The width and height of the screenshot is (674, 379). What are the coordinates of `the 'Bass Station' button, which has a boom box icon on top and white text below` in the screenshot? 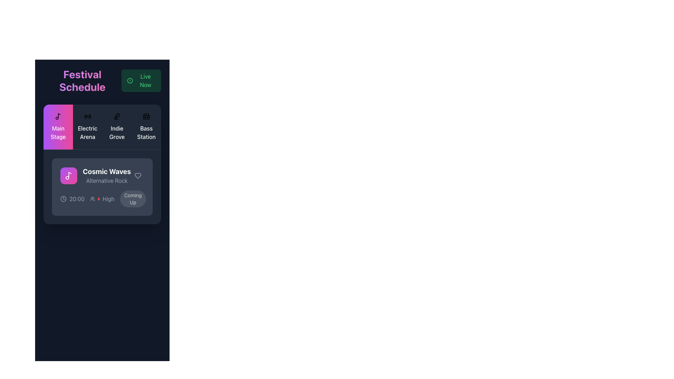 It's located at (146, 127).